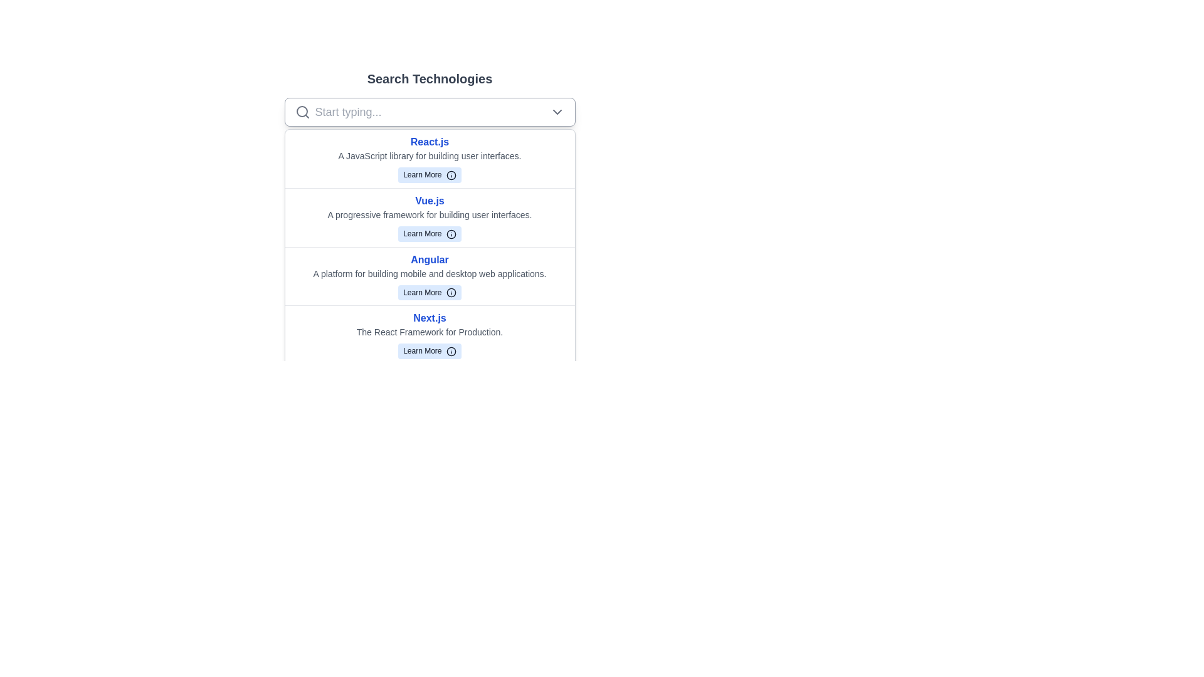 This screenshot has height=677, width=1204. Describe the element at coordinates (430, 318) in the screenshot. I see `text content of the title label indicating 'Next.js', which is located in the fourth row of the technology list, positioned above the description text and the 'Learn More' button` at that location.